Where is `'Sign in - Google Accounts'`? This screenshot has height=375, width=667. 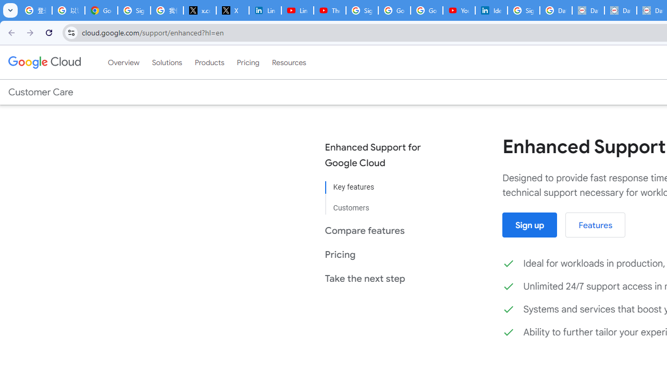 'Sign in - Google Accounts' is located at coordinates (133, 10).